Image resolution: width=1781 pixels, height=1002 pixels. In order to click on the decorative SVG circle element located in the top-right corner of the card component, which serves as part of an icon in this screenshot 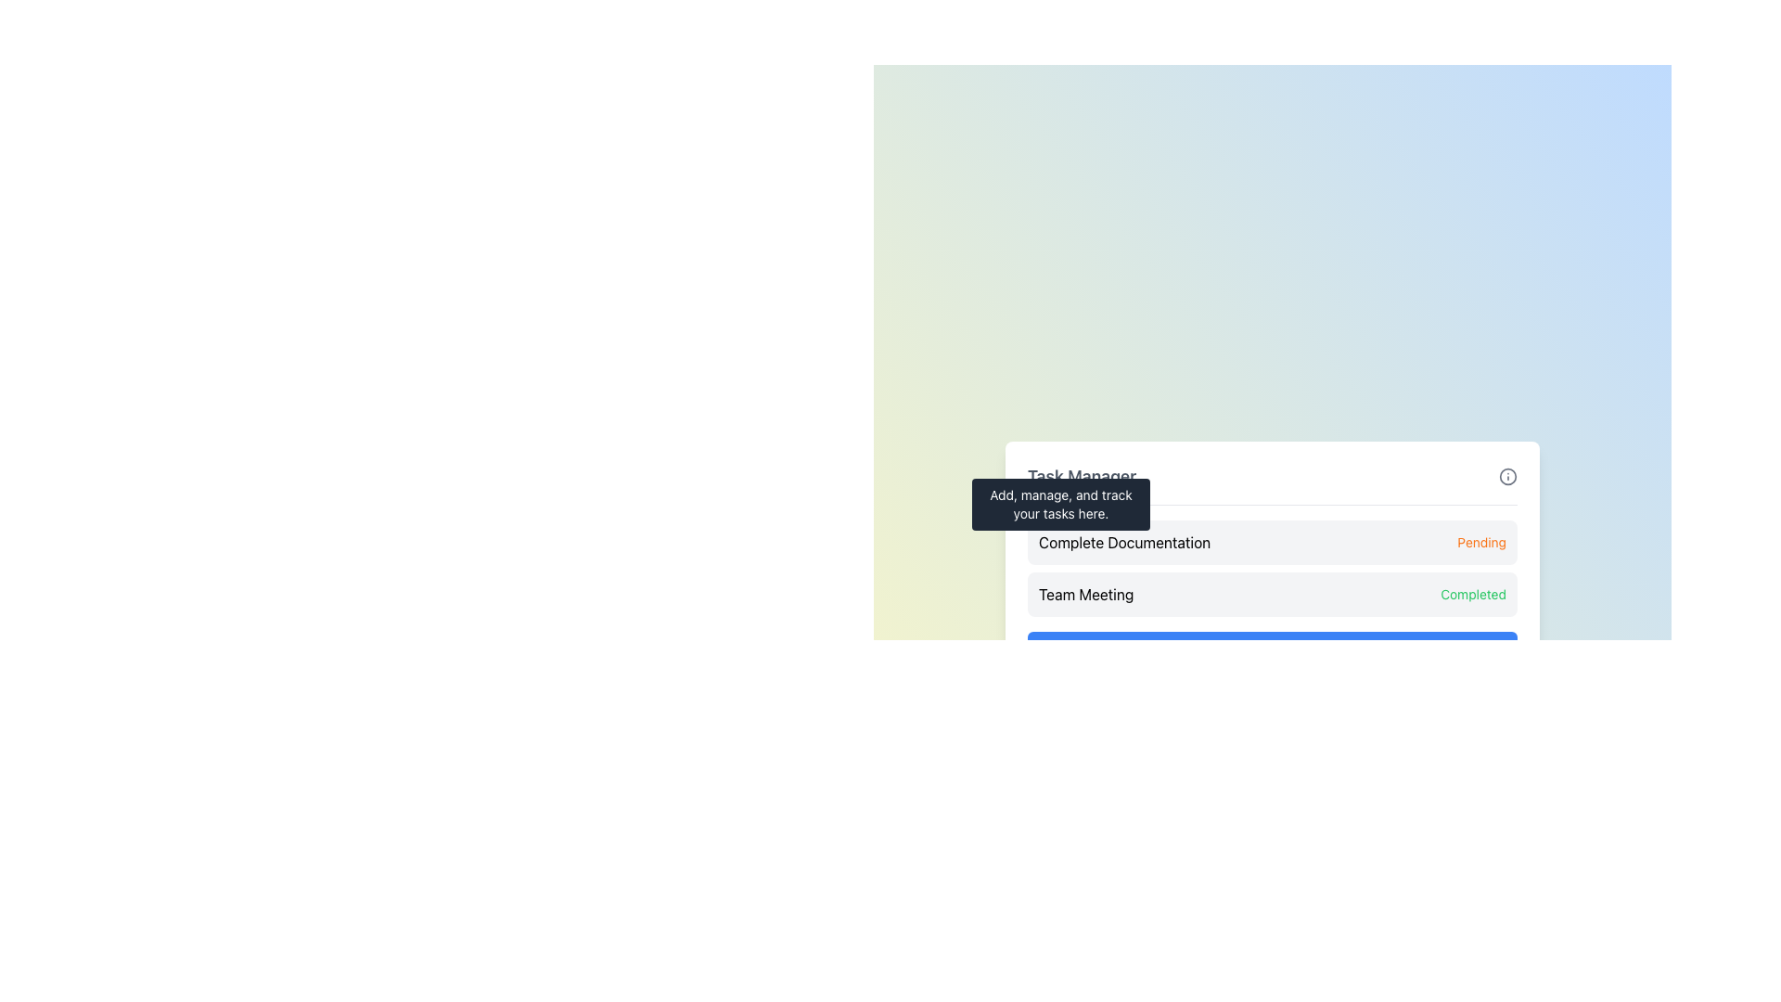, I will do `click(1508, 475)`.